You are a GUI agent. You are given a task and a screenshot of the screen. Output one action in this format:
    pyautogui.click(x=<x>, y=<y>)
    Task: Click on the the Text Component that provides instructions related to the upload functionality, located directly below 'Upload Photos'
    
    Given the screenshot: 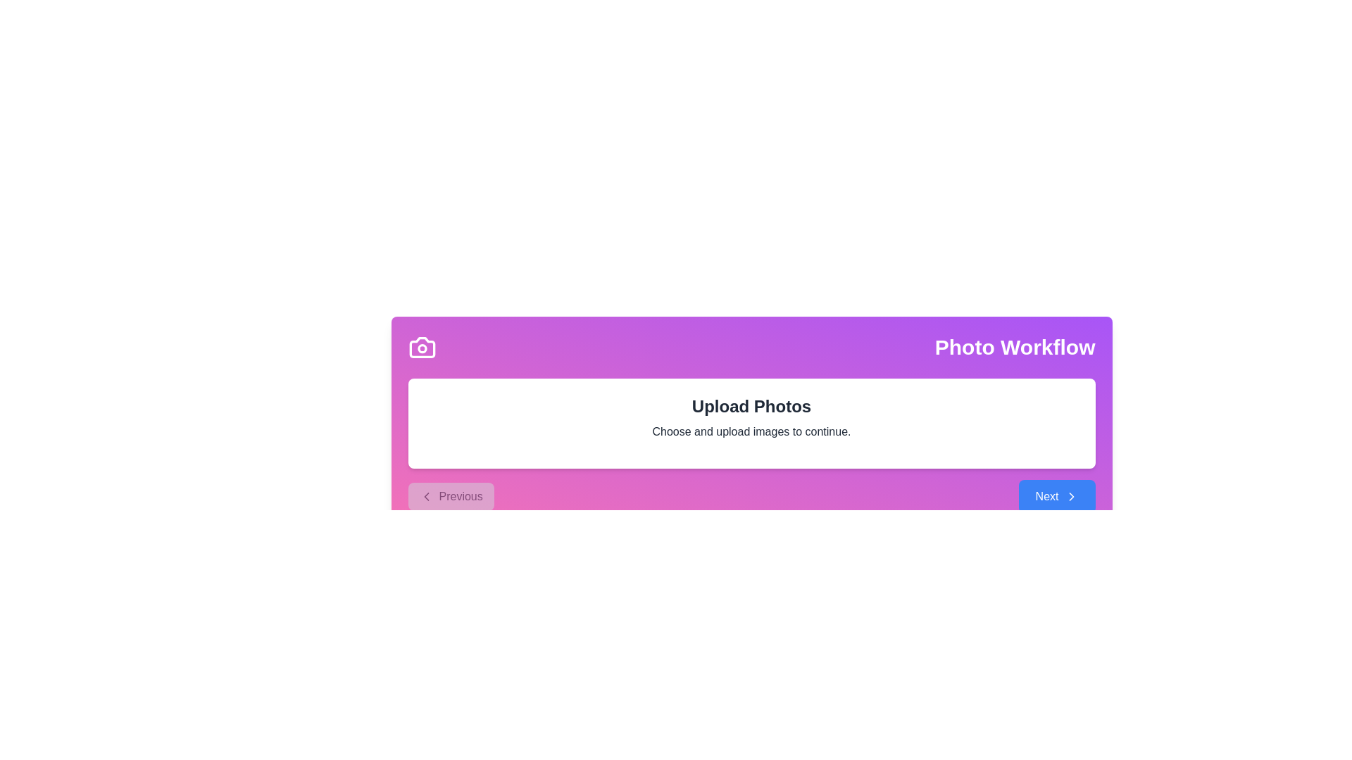 What is the action you would take?
    pyautogui.click(x=751, y=431)
    